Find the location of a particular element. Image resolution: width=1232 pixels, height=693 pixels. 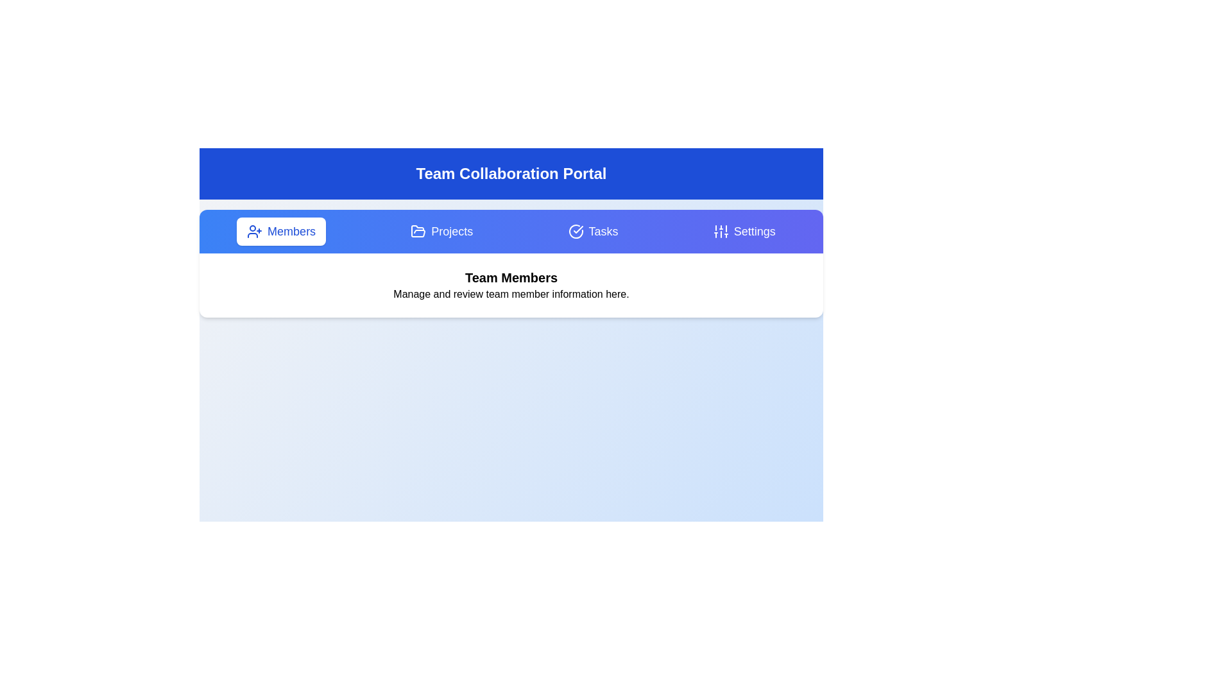

the text label displaying 'Tasks' which is styled with a larger font size and is located in the header section of the navigation bar, positioned between 'Projects' and 'Settings' is located at coordinates (603, 232).